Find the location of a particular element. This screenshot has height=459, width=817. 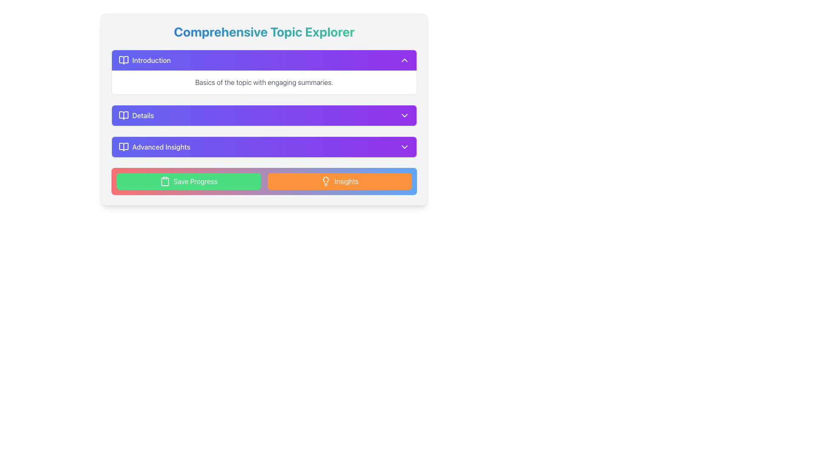

the gradient-styled purple button located in the second position of the vertically-aligned list is located at coordinates (263, 109).